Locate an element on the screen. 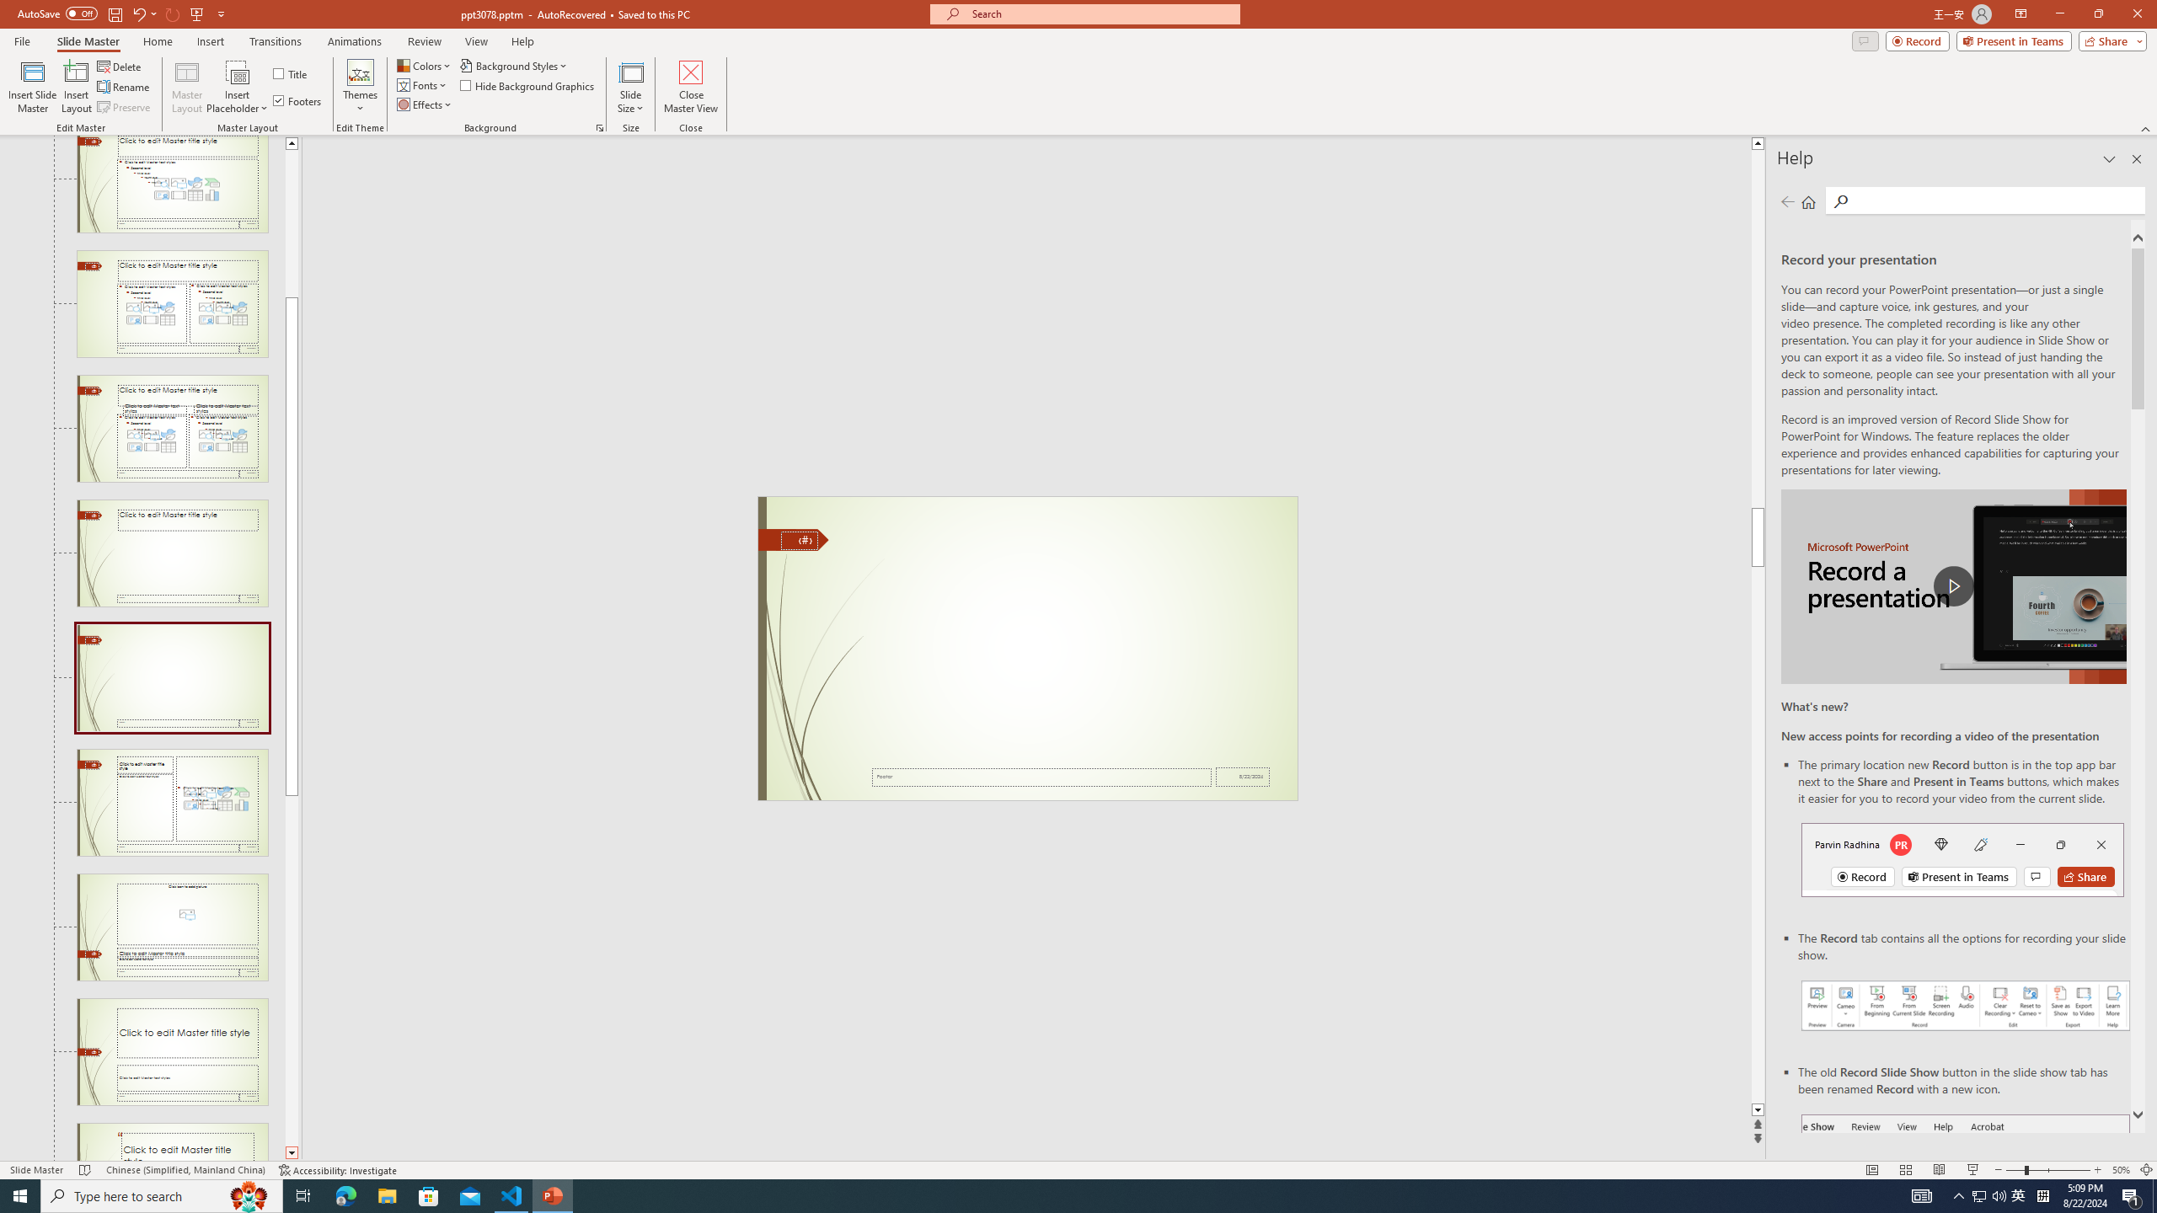 The image size is (2157, 1213). 'Search' is located at coordinates (1995, 200).